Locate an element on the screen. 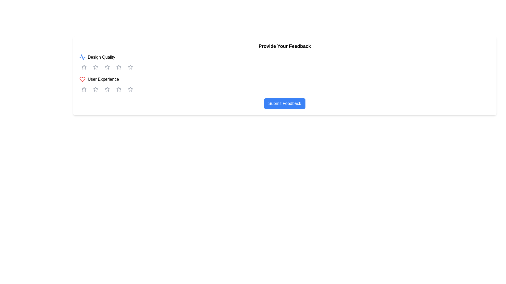 The image size is (506, 284). the blue pulse icon located next to the 'Design Quality' label in the vertically aligned list is located at coordinates (82, 57).